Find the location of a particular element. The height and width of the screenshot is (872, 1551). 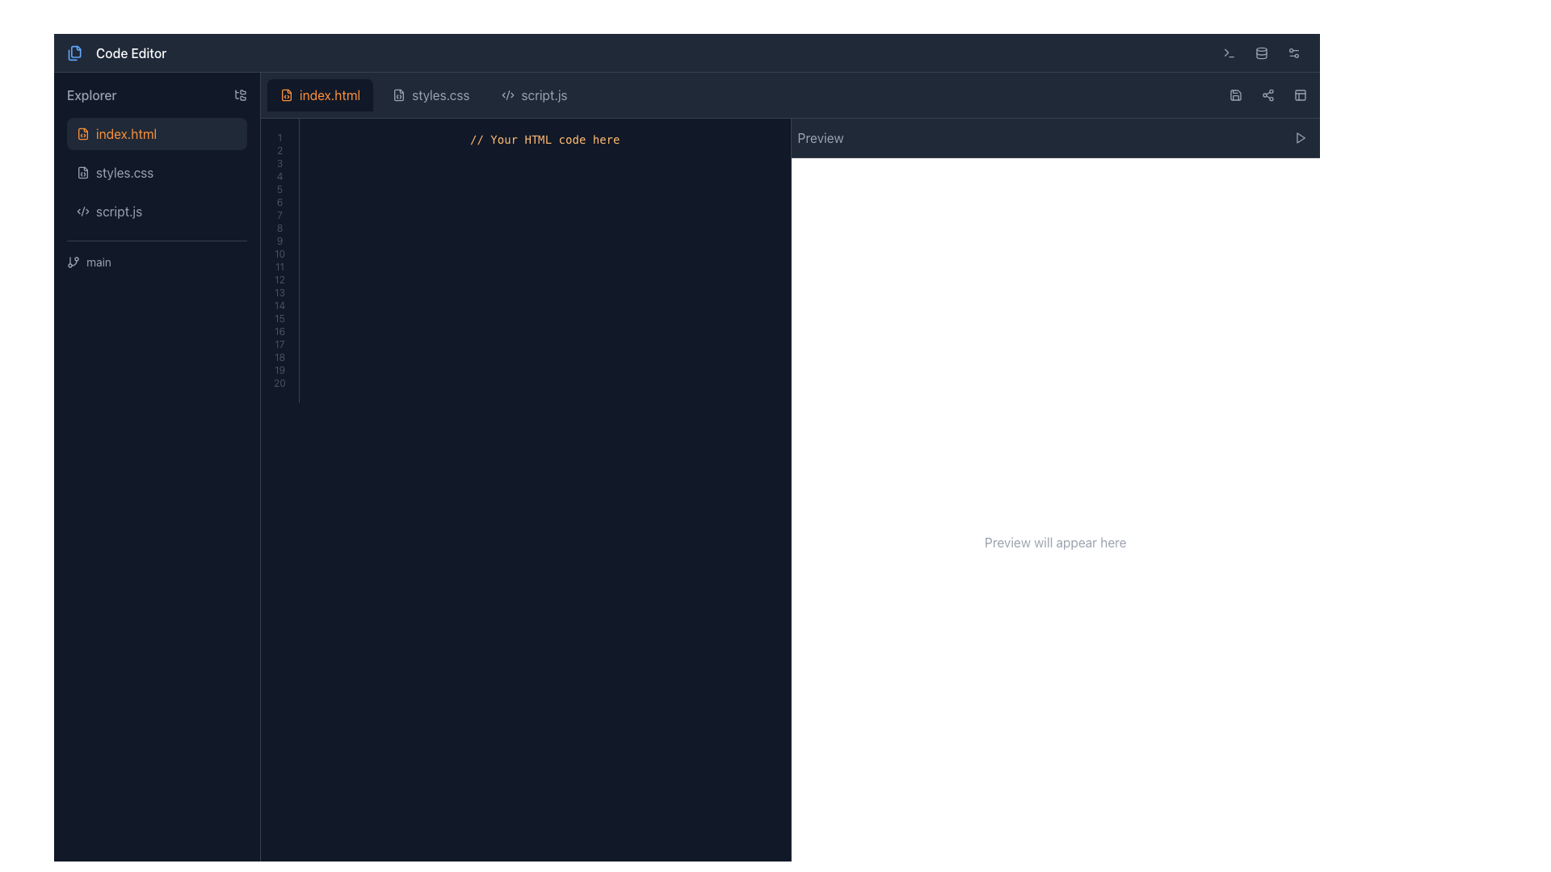

the database icon button located is located at coordinates (1260, 52).